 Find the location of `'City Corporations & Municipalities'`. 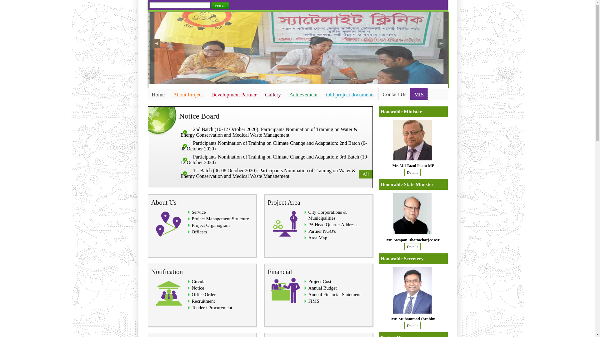

'City Corporations & Municipalities' is located at coordinates (308, 215).